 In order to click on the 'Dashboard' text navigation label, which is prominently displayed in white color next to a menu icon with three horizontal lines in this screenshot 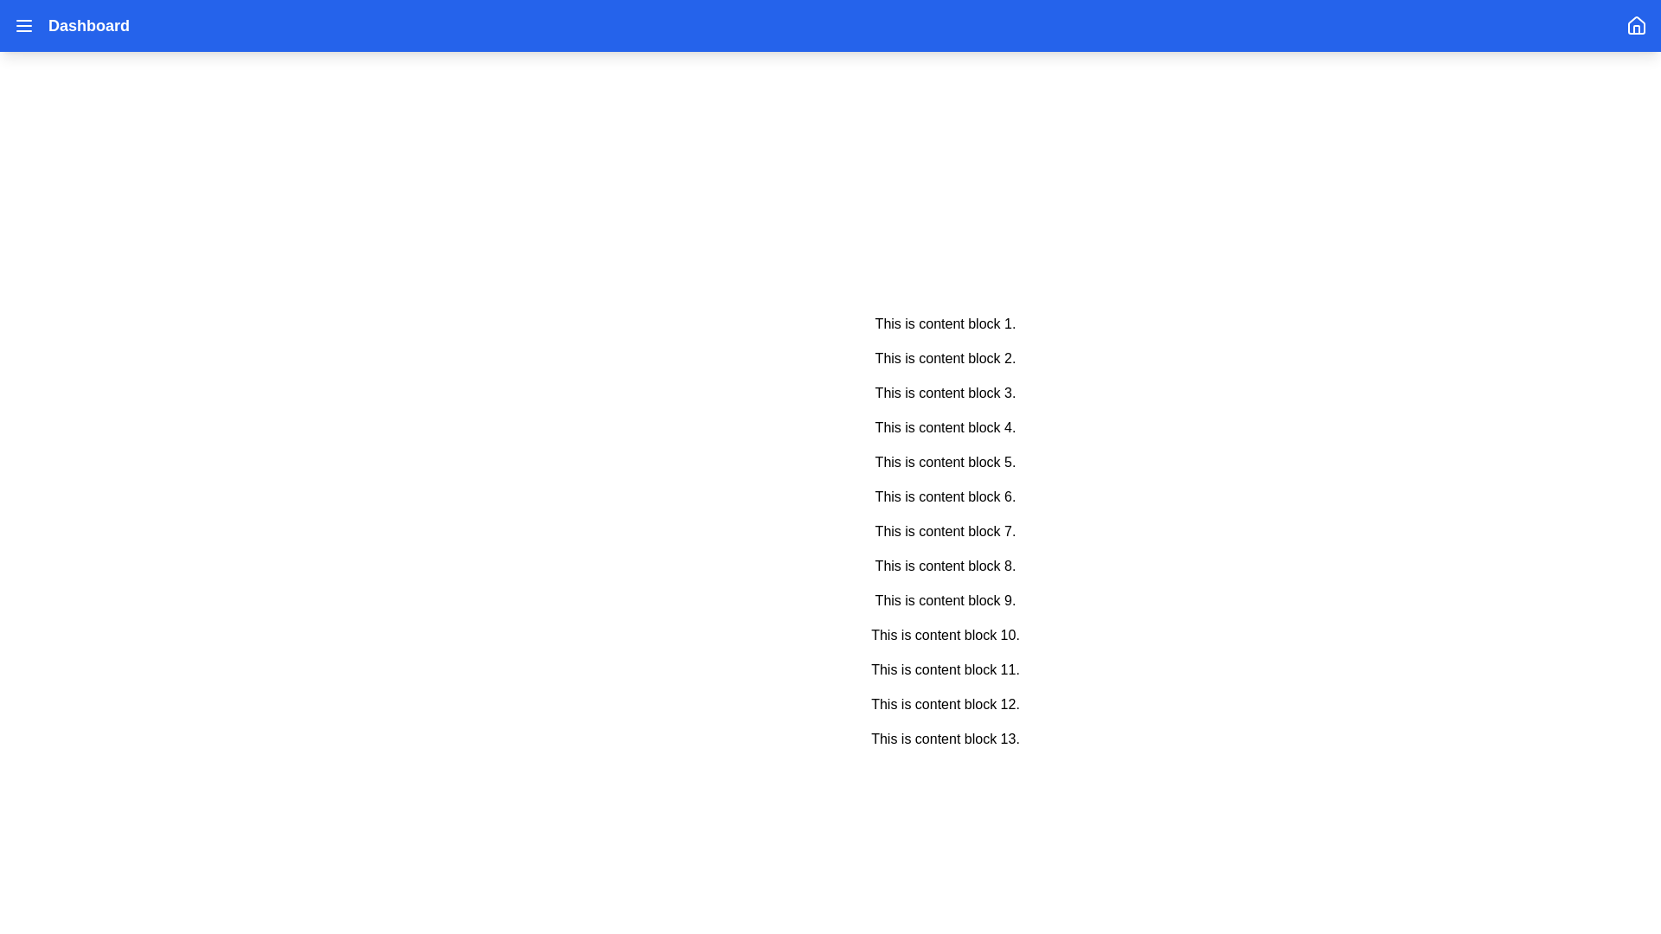, I will do `click(70, 26)`.